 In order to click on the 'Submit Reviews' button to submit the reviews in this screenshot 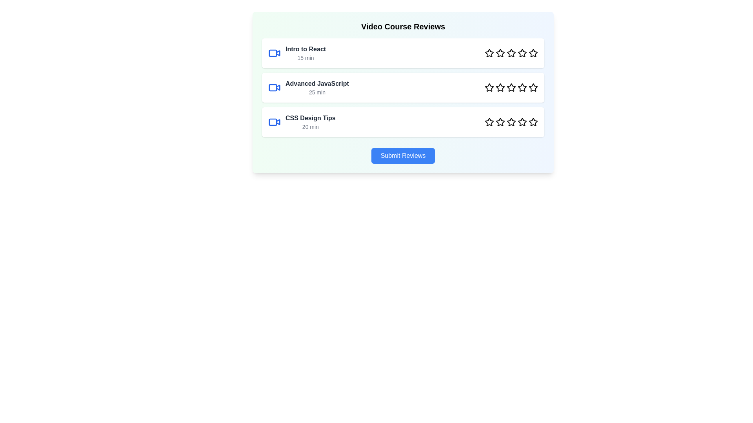, I will do `click(403, 155)`.